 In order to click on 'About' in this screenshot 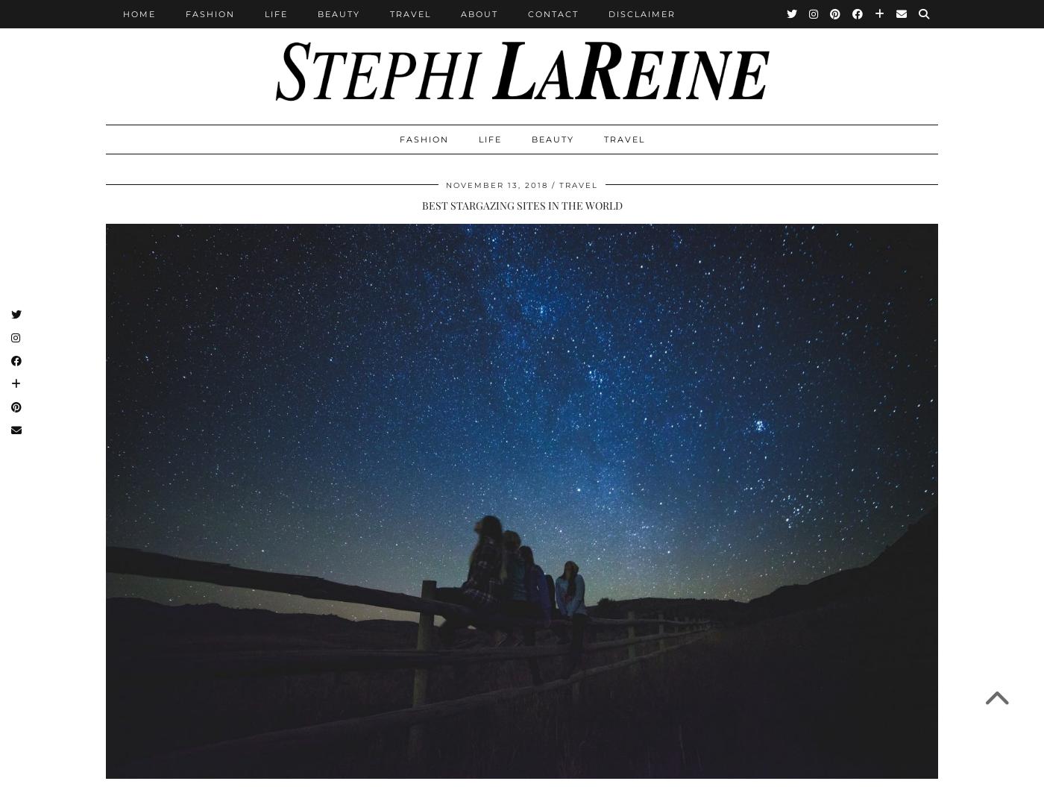, I will do `click(479, 13)`.